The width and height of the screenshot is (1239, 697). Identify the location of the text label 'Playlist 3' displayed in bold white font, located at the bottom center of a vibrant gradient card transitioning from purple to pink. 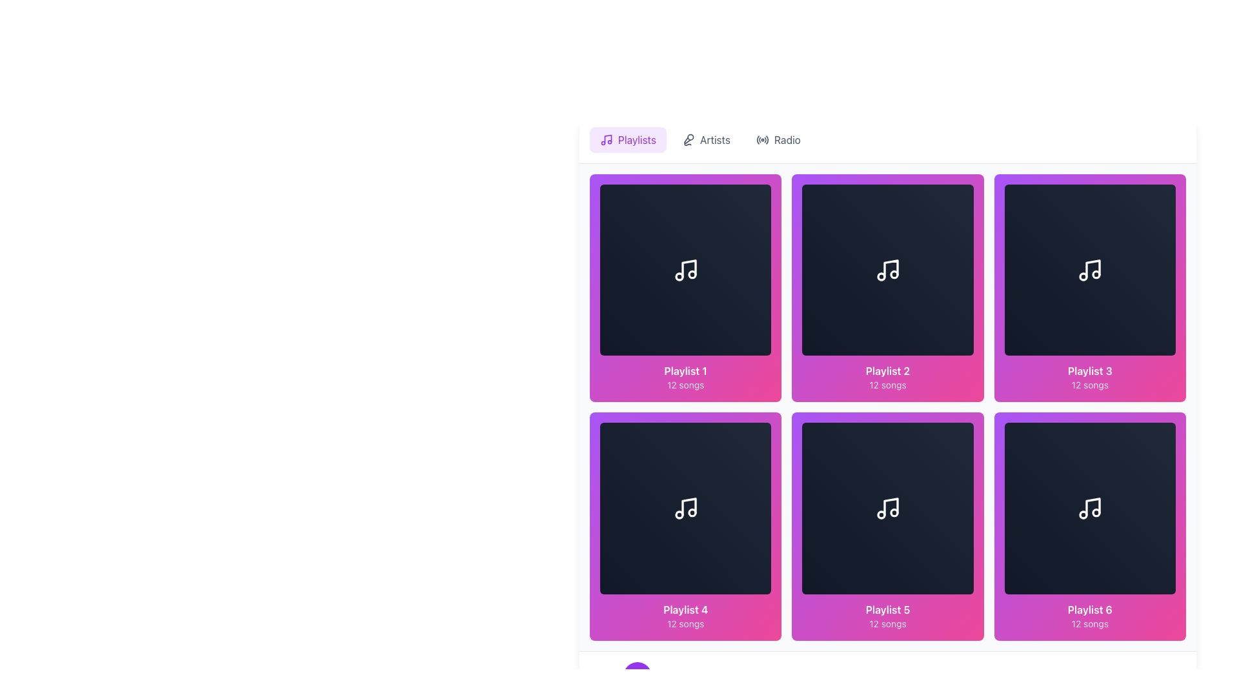
(1089, 371).